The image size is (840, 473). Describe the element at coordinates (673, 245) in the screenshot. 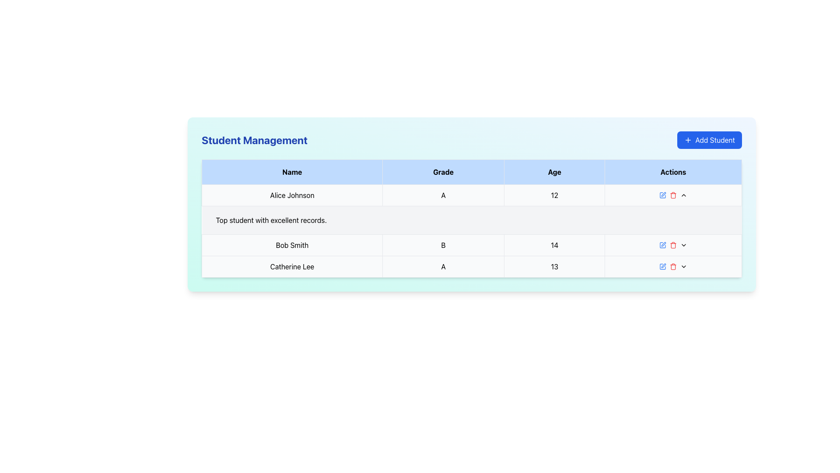

I see `the delete button in the third row of the table under the 'Actions' column` at that location.